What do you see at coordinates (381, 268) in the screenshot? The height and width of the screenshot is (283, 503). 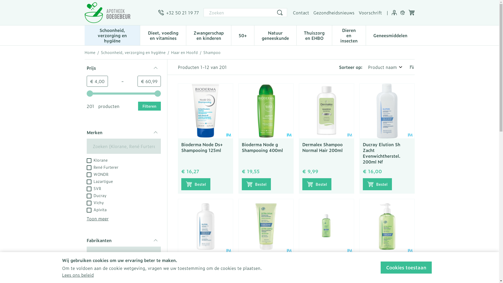 I see `'Cookies toestaan'` at bounding box center [381, 268].